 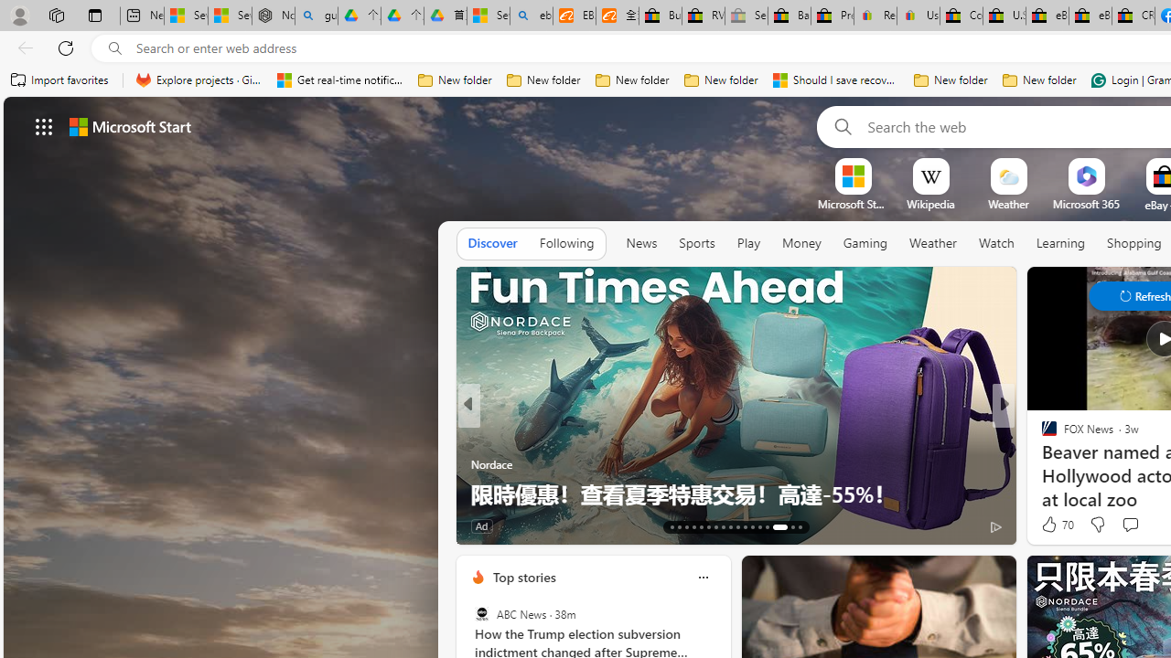 I want to click on 'Wikipedia', so click(x=930, y=204).